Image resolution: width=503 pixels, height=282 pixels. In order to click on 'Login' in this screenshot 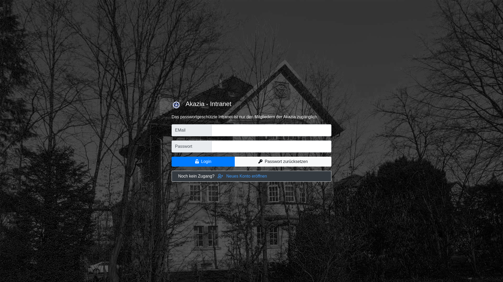, I will do `click(203, 161)`.